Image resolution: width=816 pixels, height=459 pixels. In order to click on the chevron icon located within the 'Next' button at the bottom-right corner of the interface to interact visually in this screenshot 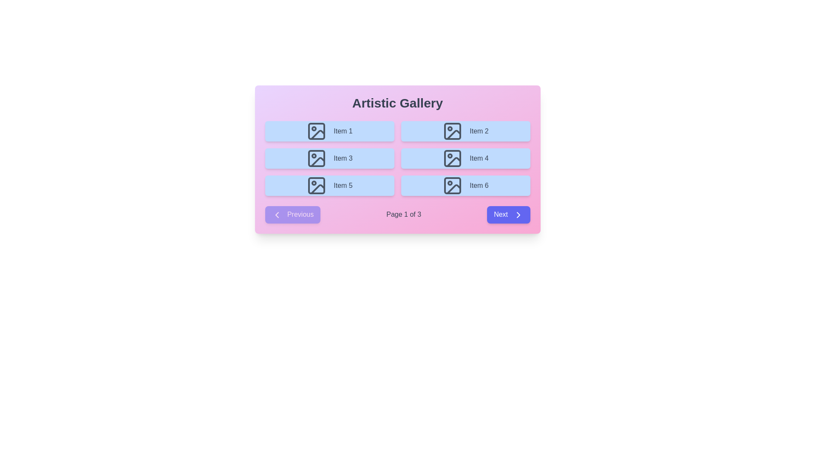, I will do `click(518, 214)`.